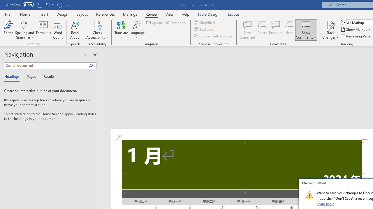 The height and width of the screenshot is (209, 373). What do you see at coordinates (74, 30) in the screenshot?
I see `'Read Aloud'` at bounding box center [74, 30].